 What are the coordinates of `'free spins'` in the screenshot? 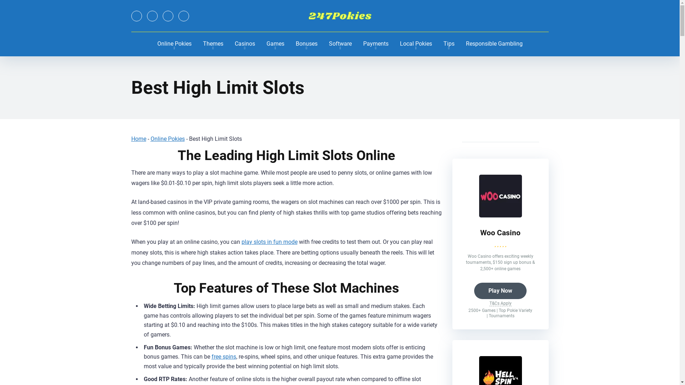 It's located at (223, 356).